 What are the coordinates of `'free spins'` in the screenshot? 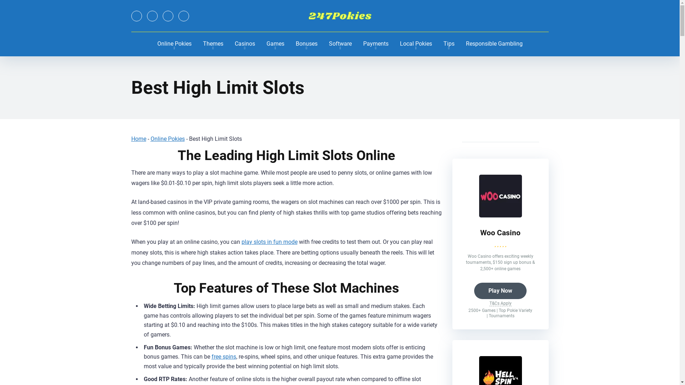 It's located at (223, 356).